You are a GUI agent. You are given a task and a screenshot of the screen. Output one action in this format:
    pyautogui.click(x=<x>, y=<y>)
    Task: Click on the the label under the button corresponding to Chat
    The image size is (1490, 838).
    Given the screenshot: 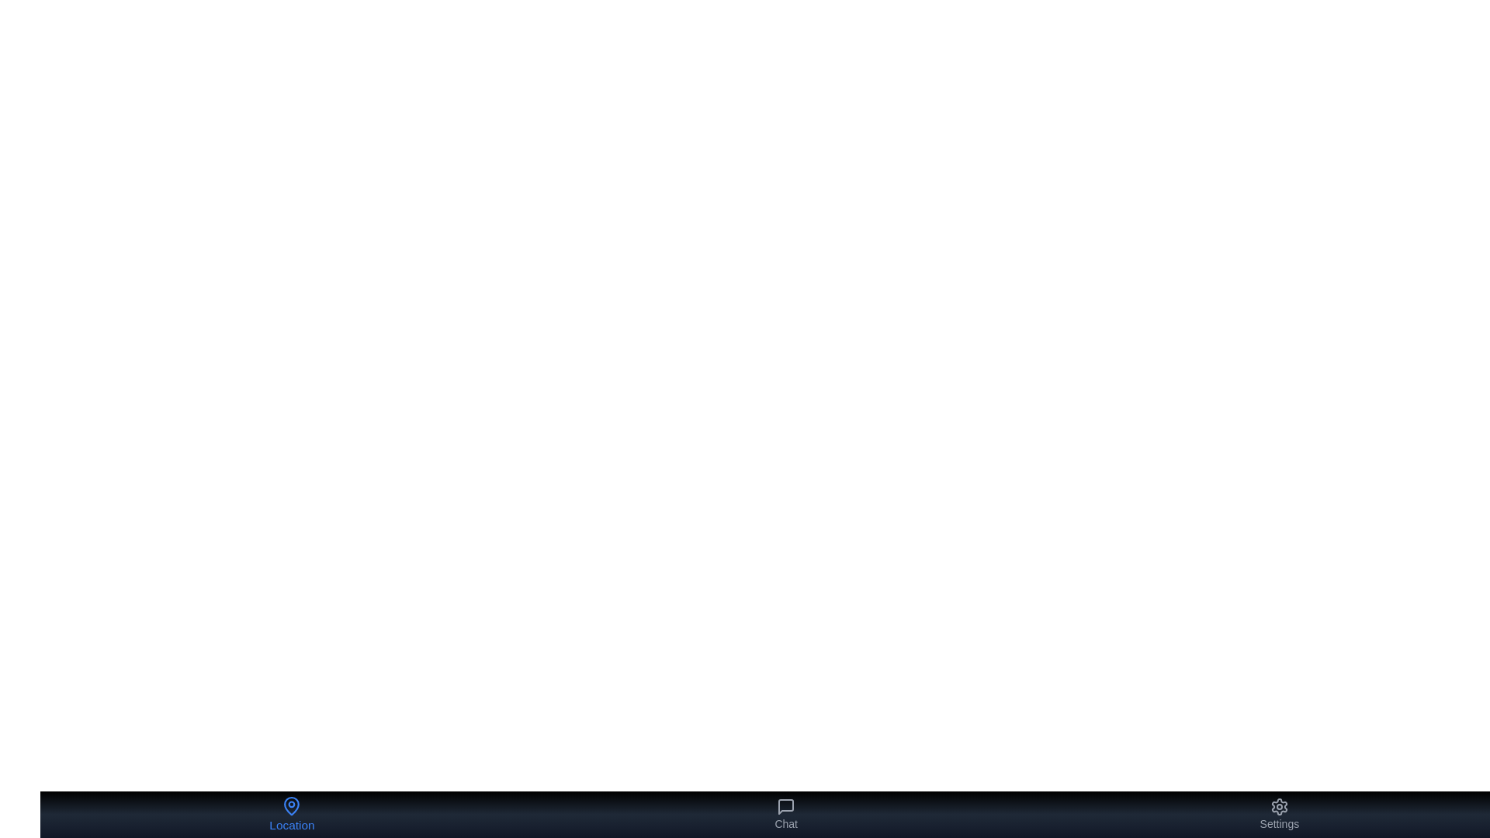 What is the action you would take?
    pyautogui.click(x=786, y=822)
    